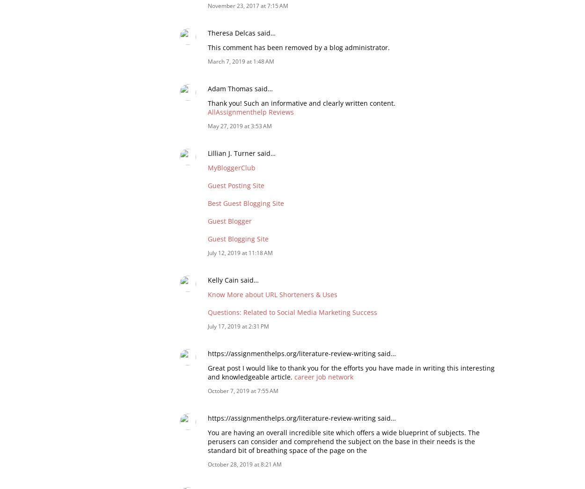 This screenshot has width=585, height=489. What do you see at coordinates (207, 312) in the screenshot?
I see `'Questions: Related to Social Media Marketing Success'` at bounding box center [207, 312].